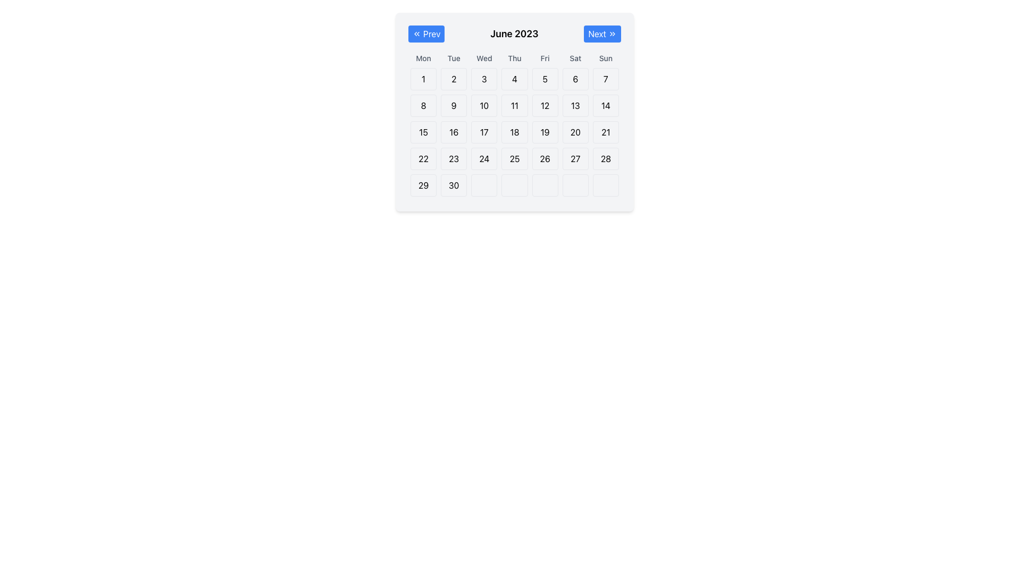  What do you see at coordinates (515, 184) in the screenshot?
I see `the grid row element of the calendar containing the dates '29' and '30'` at bounding box center [515, 184].